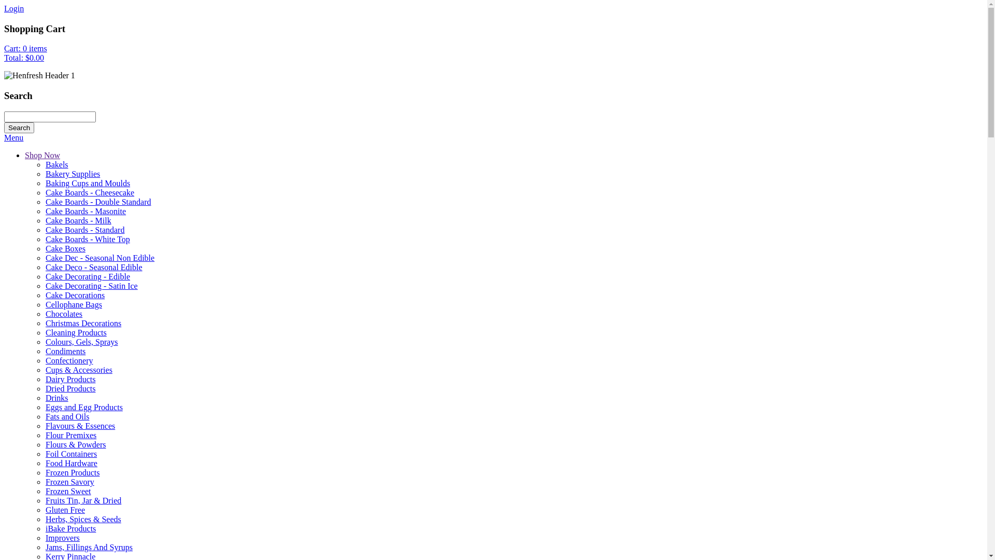  Describe the element at coordinates (88, 183) in the screenshot. I see `'Baking Cups and Moulds'` at that location.